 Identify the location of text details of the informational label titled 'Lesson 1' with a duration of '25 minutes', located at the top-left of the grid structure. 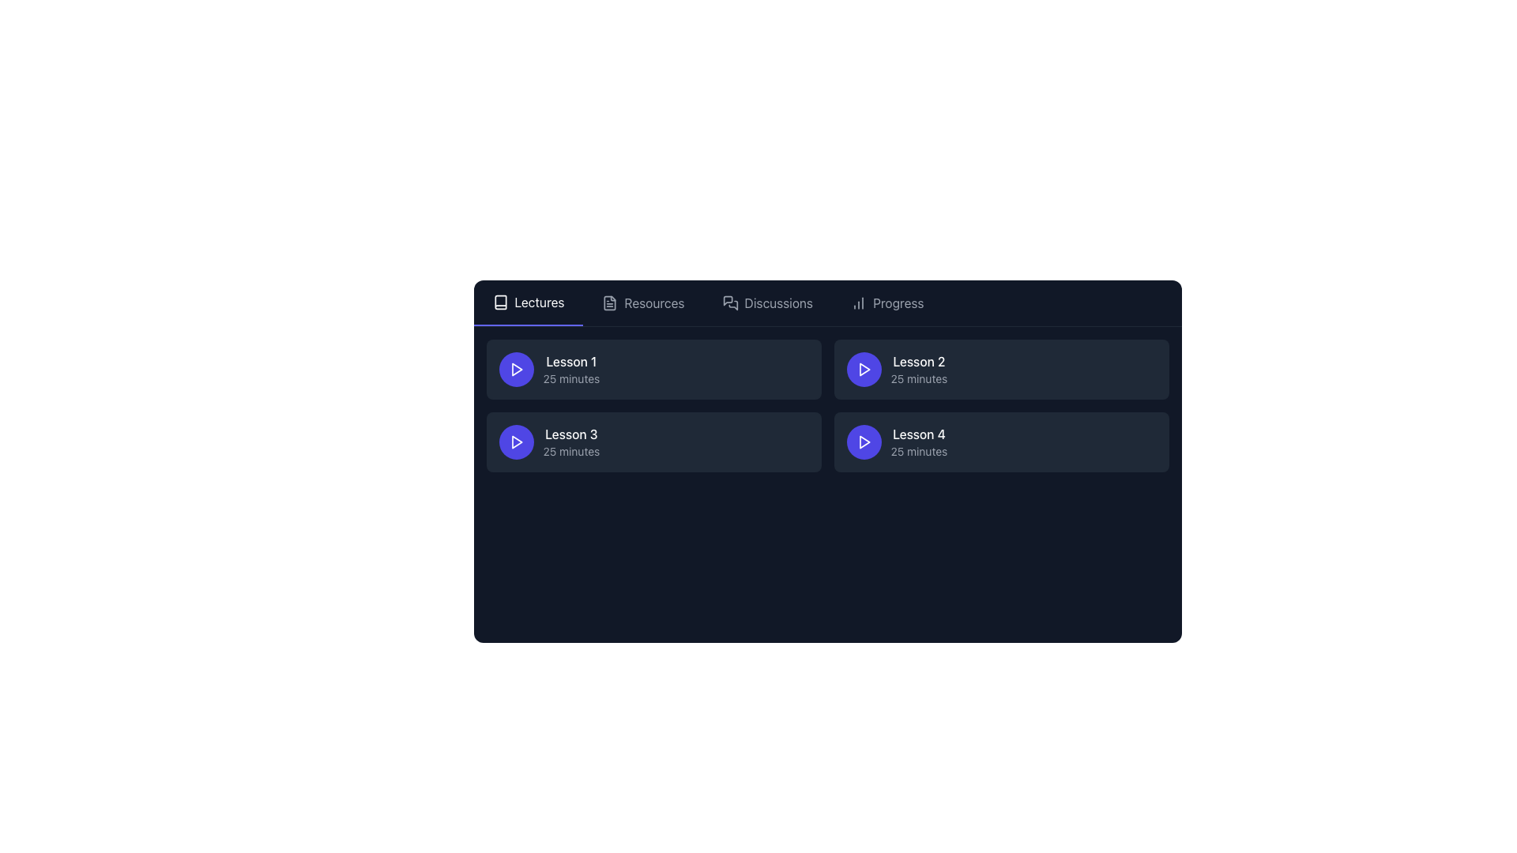
(570, 369).